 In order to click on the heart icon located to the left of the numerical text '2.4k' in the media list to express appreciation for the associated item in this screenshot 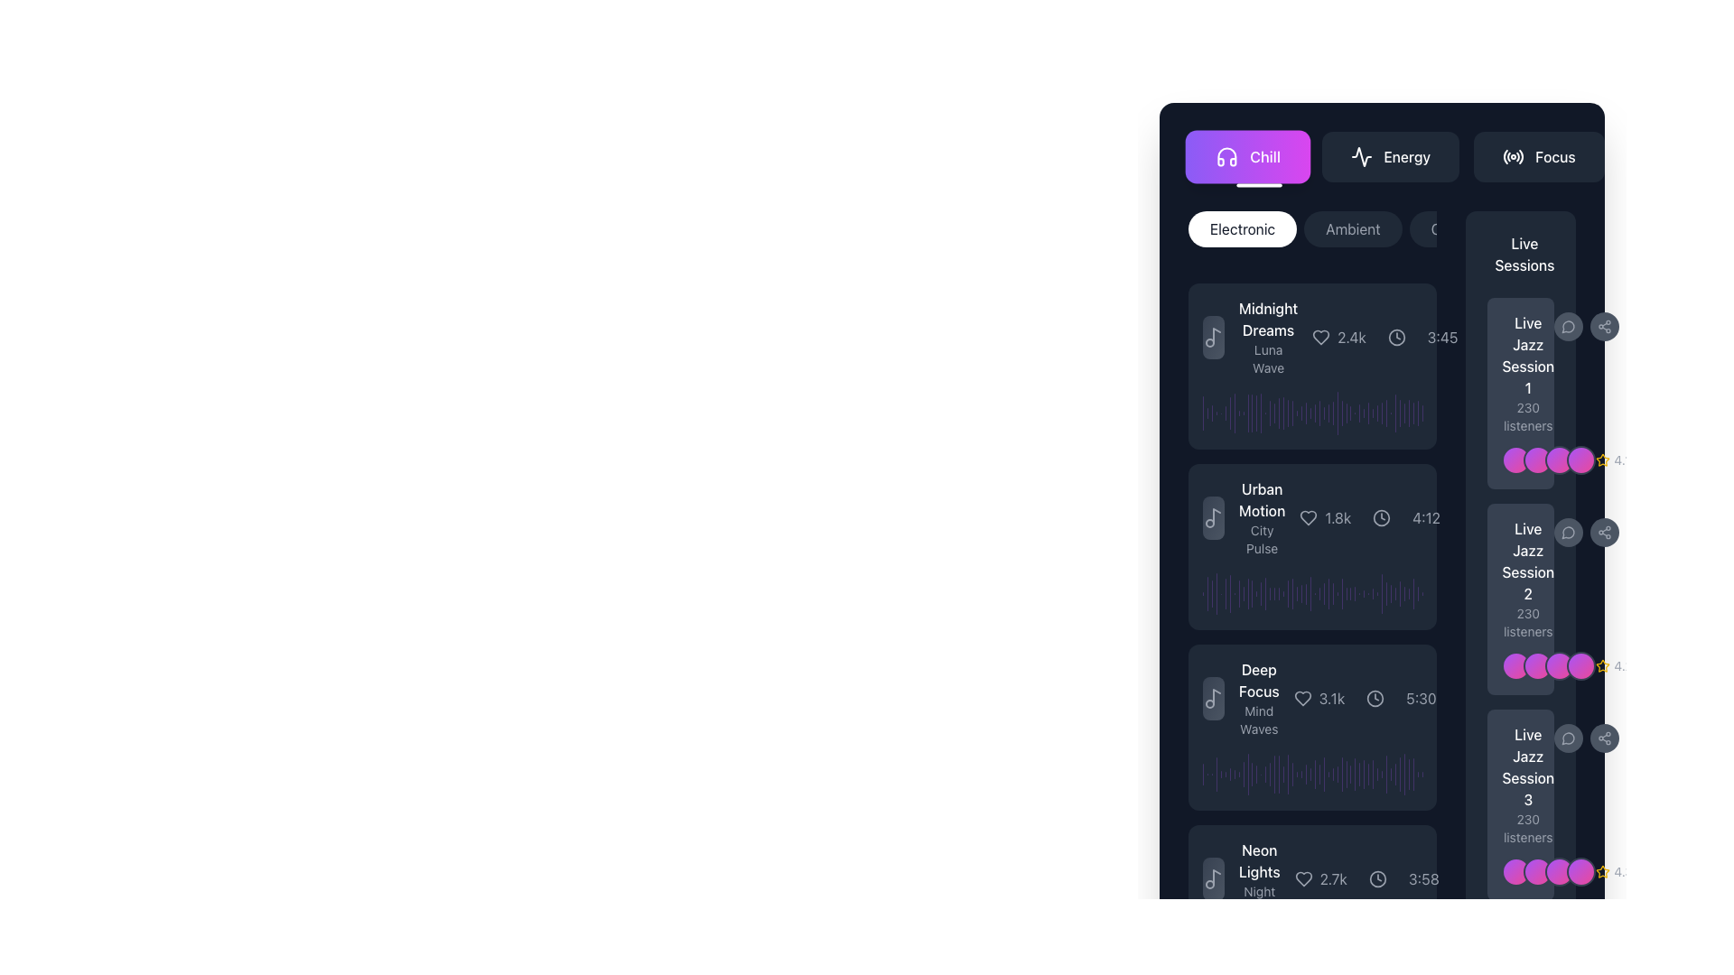, I will do `click(1321, 338)`.